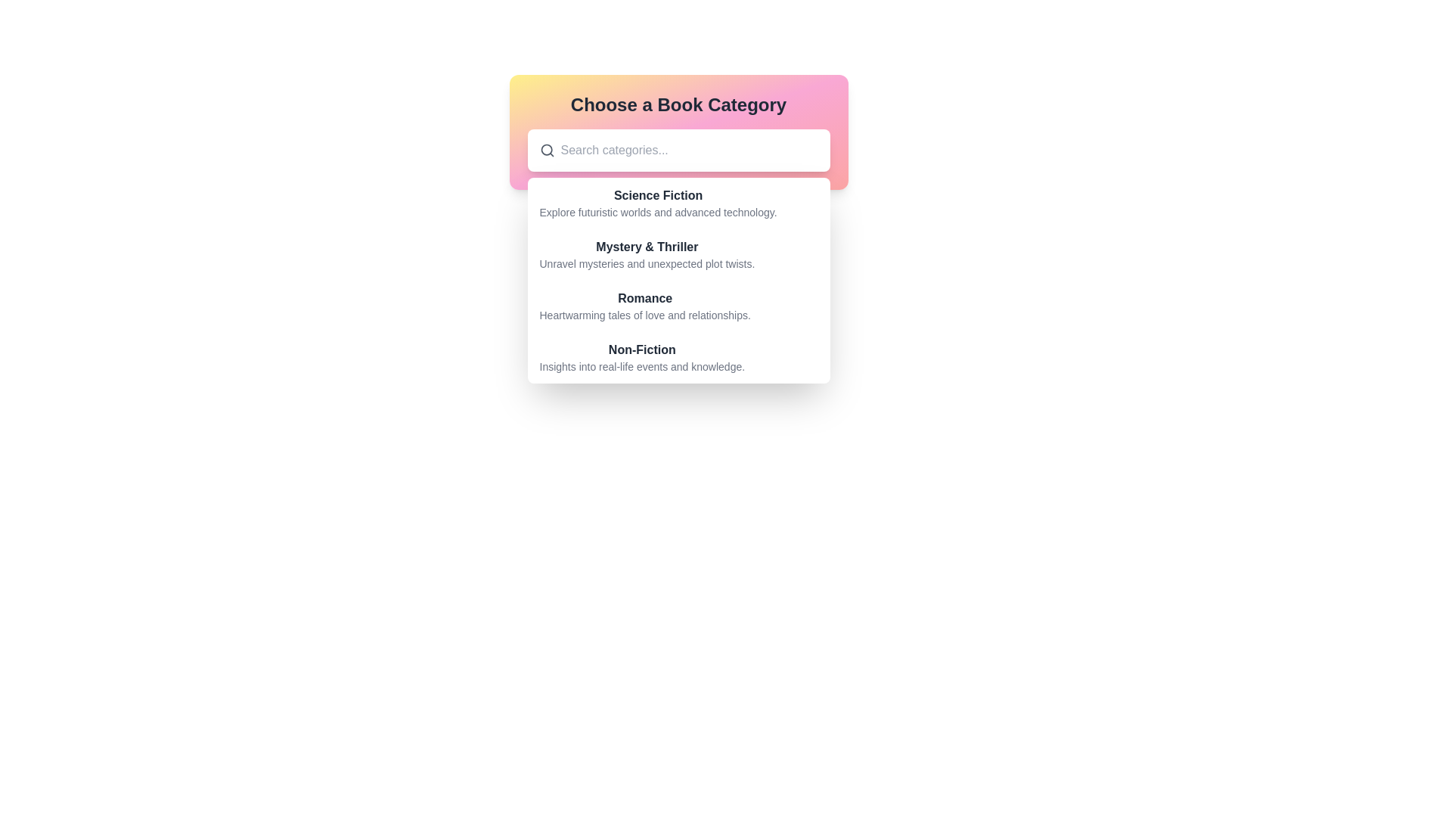 The width and height of the screenshot is (1452, 817). I want to click on to select the 'Romance' category option in the dropdown menu, which is the third option located centrally below 'Mystery & Thriller' and above 'Non-Fiction', so click(678, 306).